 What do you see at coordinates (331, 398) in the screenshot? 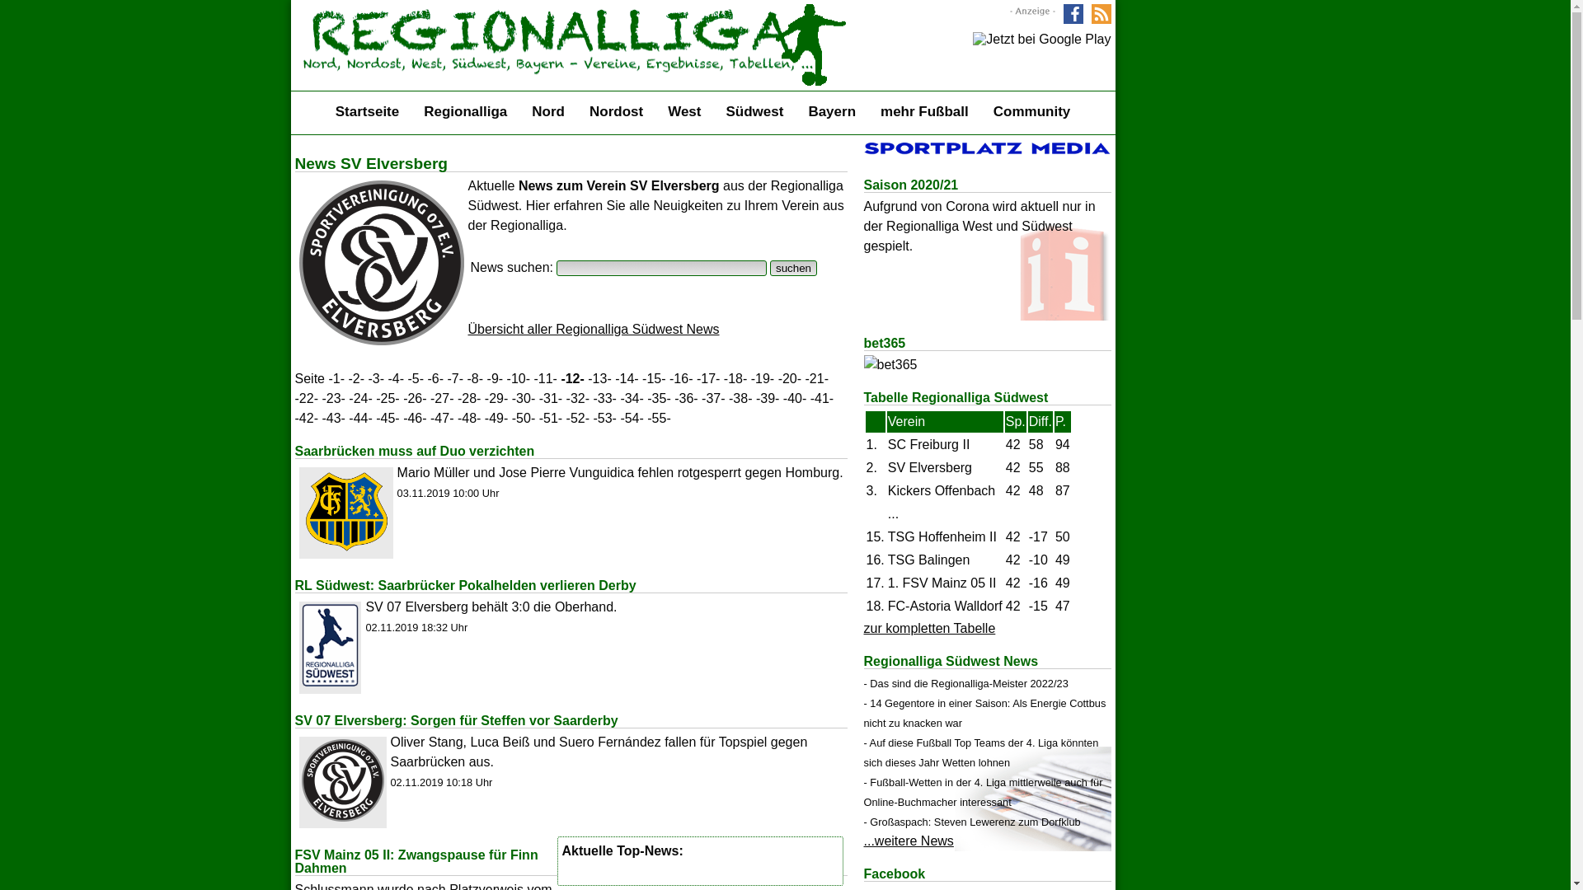
I see `'-23-'` at bounding box center [331, 398].